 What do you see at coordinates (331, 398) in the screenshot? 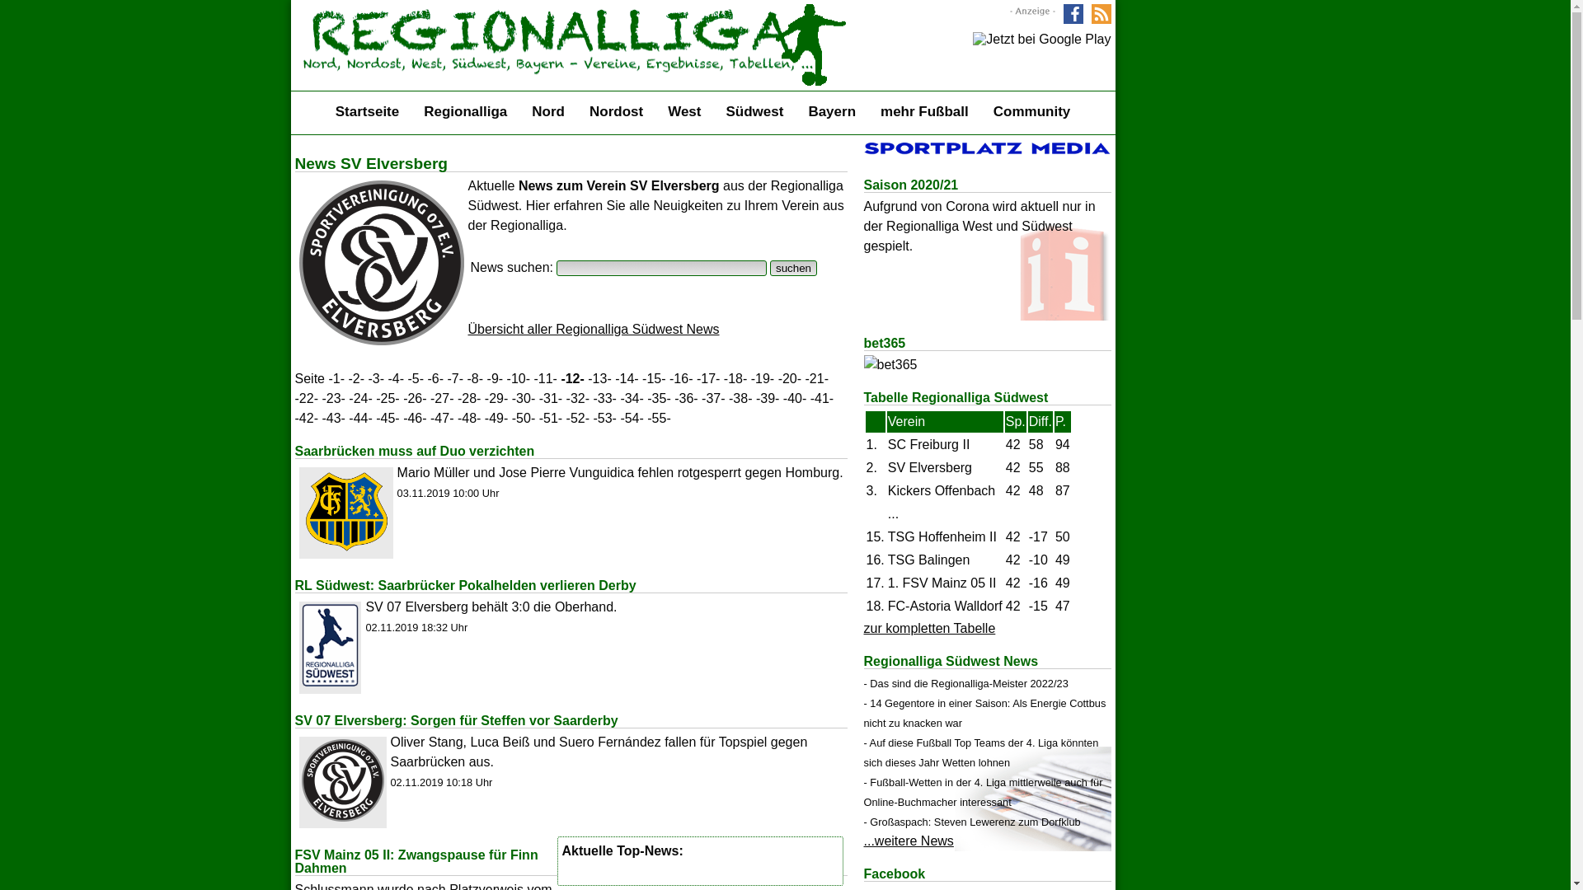
I see `'-23-'` at bounding box center [331, 398].